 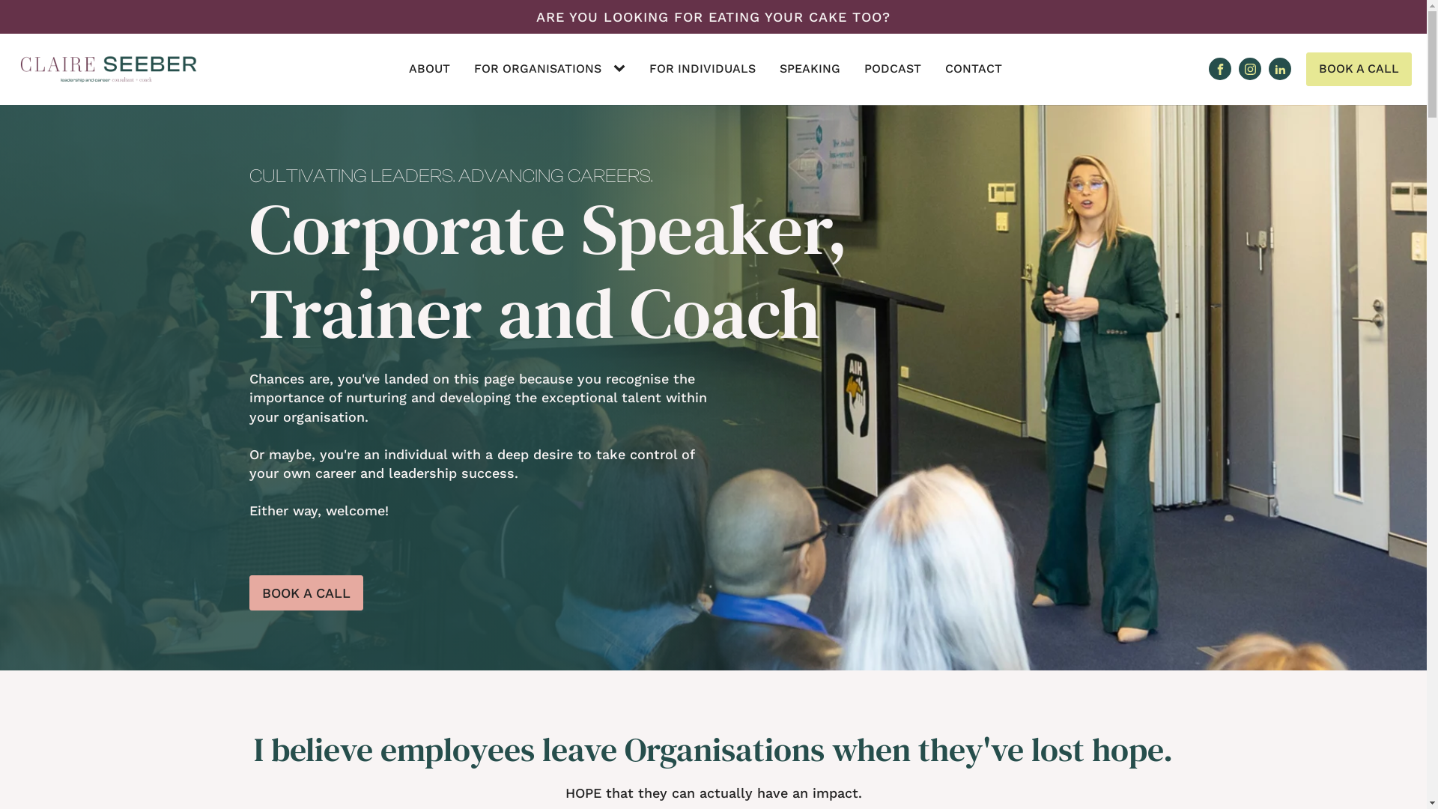 I want to click on 'BOOK A CALL', so click(x=1305, y=69).